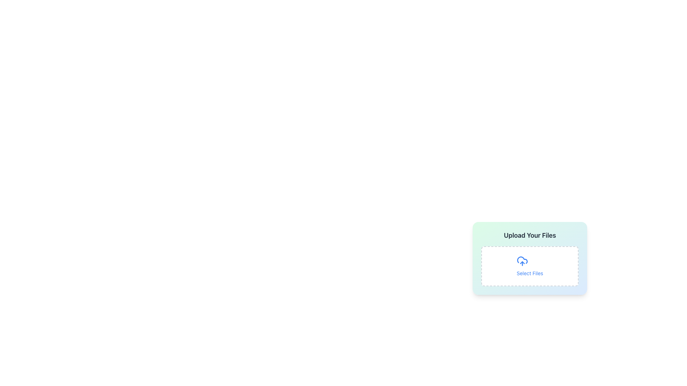 Image resolution: width=687 pixels, height=386 pixels. I want to click on the text label that reads 'Select Files', which is styled in blue and located below a cloud upload icon in the file upload interface, so click(530, 273).